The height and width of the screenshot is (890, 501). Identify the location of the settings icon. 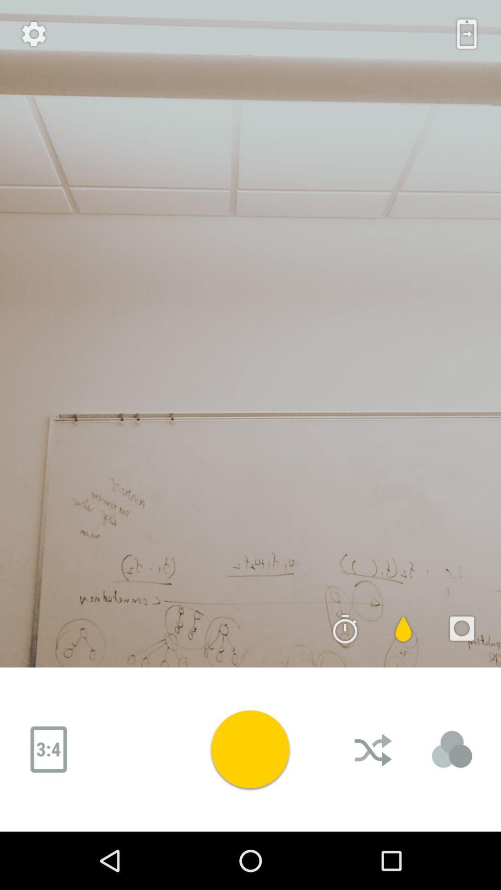
(33, 34).